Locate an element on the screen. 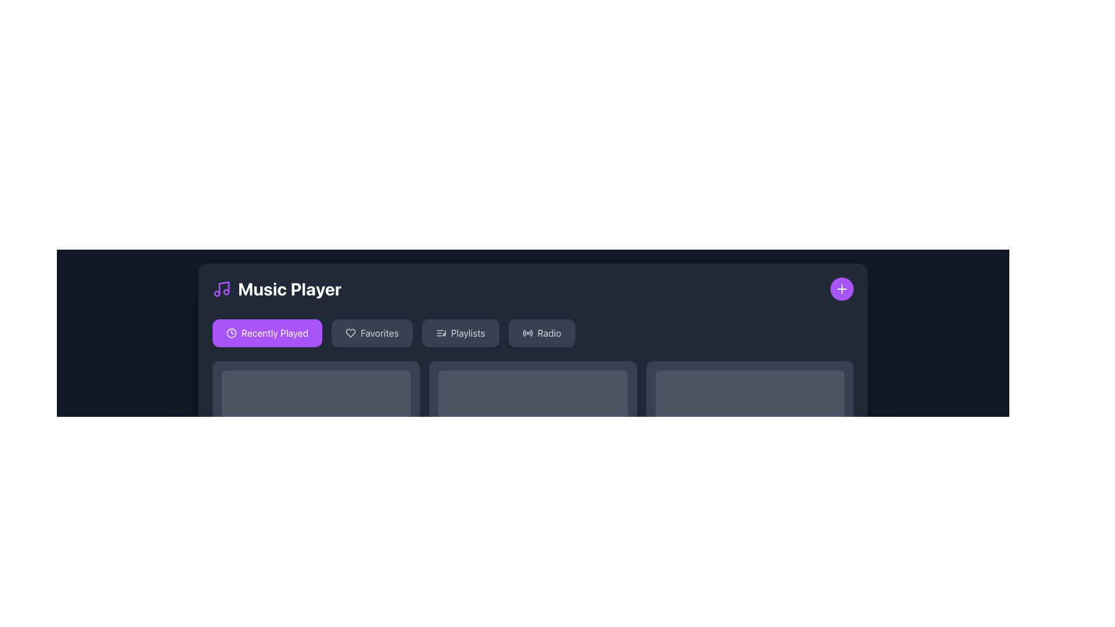 The width and height of the screenshot is (1115, 627). the purple musical note icon located to the left of the 'Music Player' text in the top-left corner of the interface is located at coordinates (222, 288).